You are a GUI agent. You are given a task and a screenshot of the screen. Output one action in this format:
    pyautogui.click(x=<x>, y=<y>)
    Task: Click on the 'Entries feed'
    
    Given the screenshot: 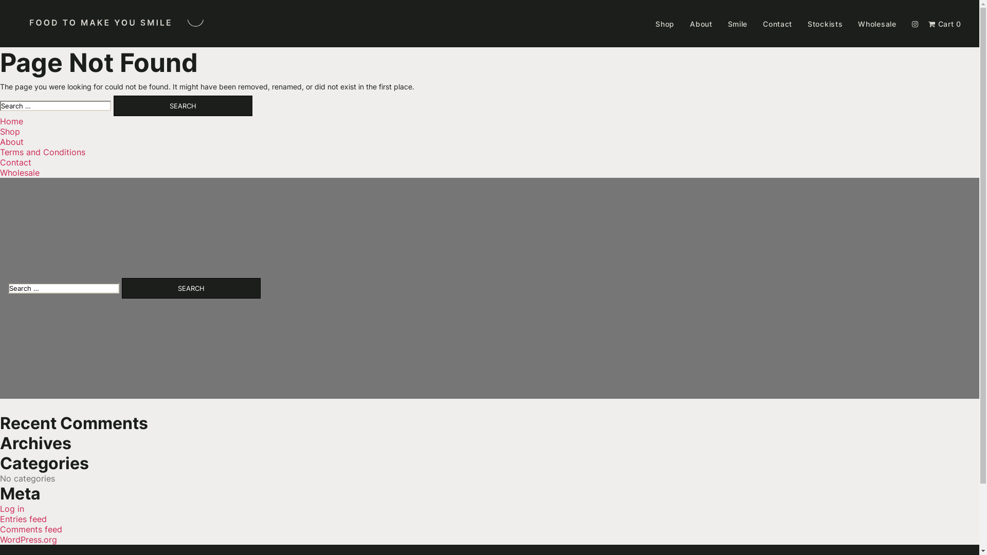 What is the action you would take?
    pyautogui.click(x=23, y=519)
    